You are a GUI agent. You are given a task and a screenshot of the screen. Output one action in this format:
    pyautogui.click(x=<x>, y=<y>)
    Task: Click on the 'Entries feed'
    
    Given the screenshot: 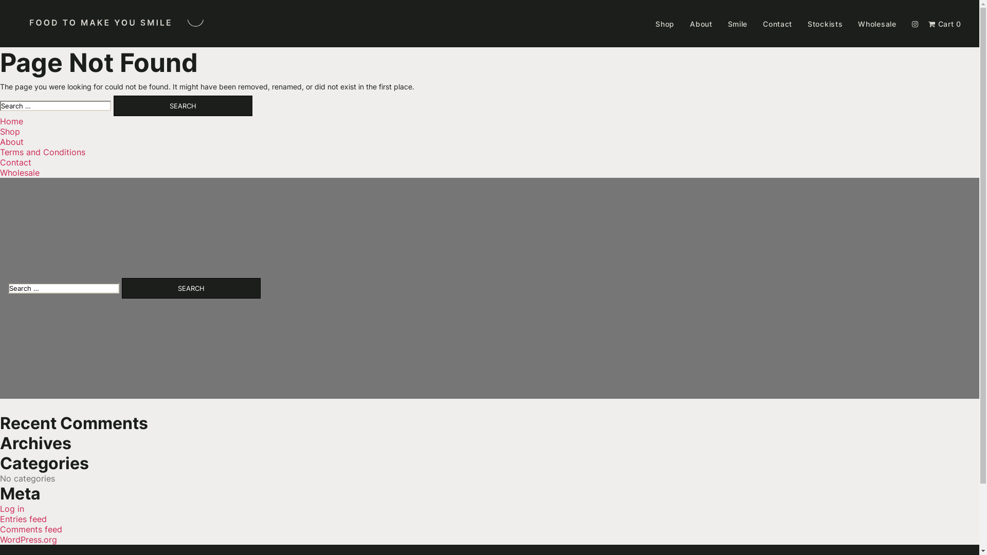 What is the action you would take?
    pyautogui.click(x=23, y=519)
    